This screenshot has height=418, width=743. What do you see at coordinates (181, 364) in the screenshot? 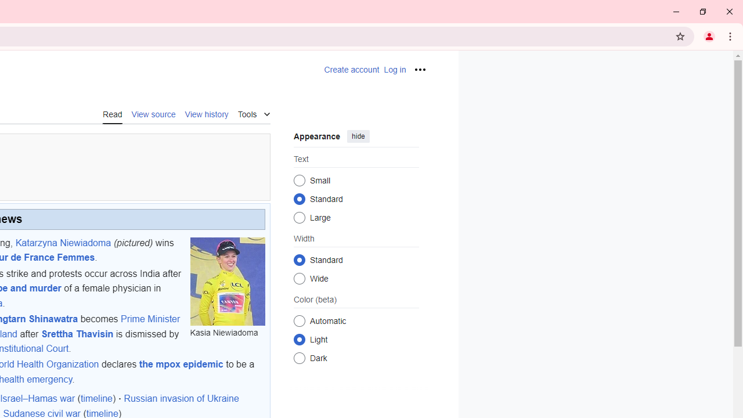
I see `'the mpox epidemic'` at bounding box center [181, 364].